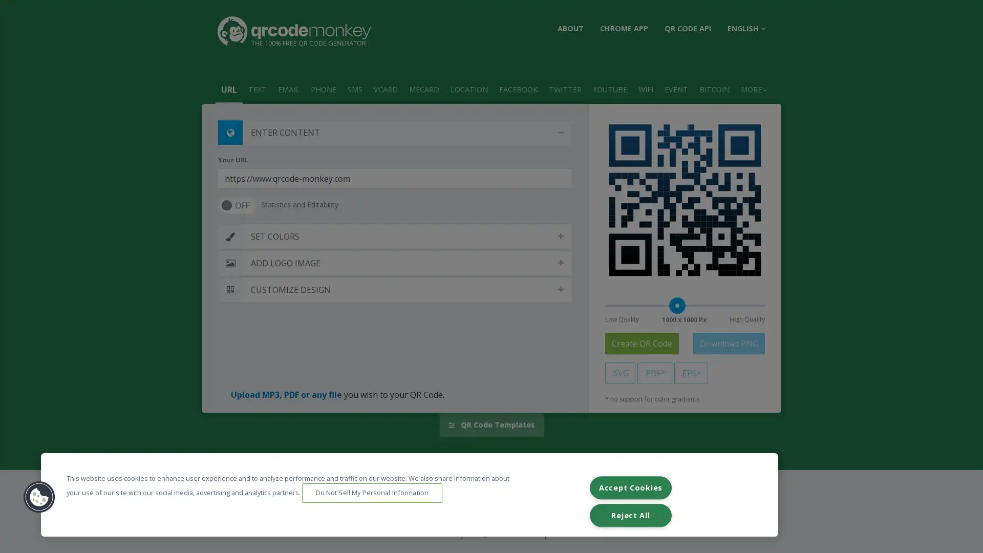 The image size is (983, 553). I want to click on .PDF*, so click(653, 373).